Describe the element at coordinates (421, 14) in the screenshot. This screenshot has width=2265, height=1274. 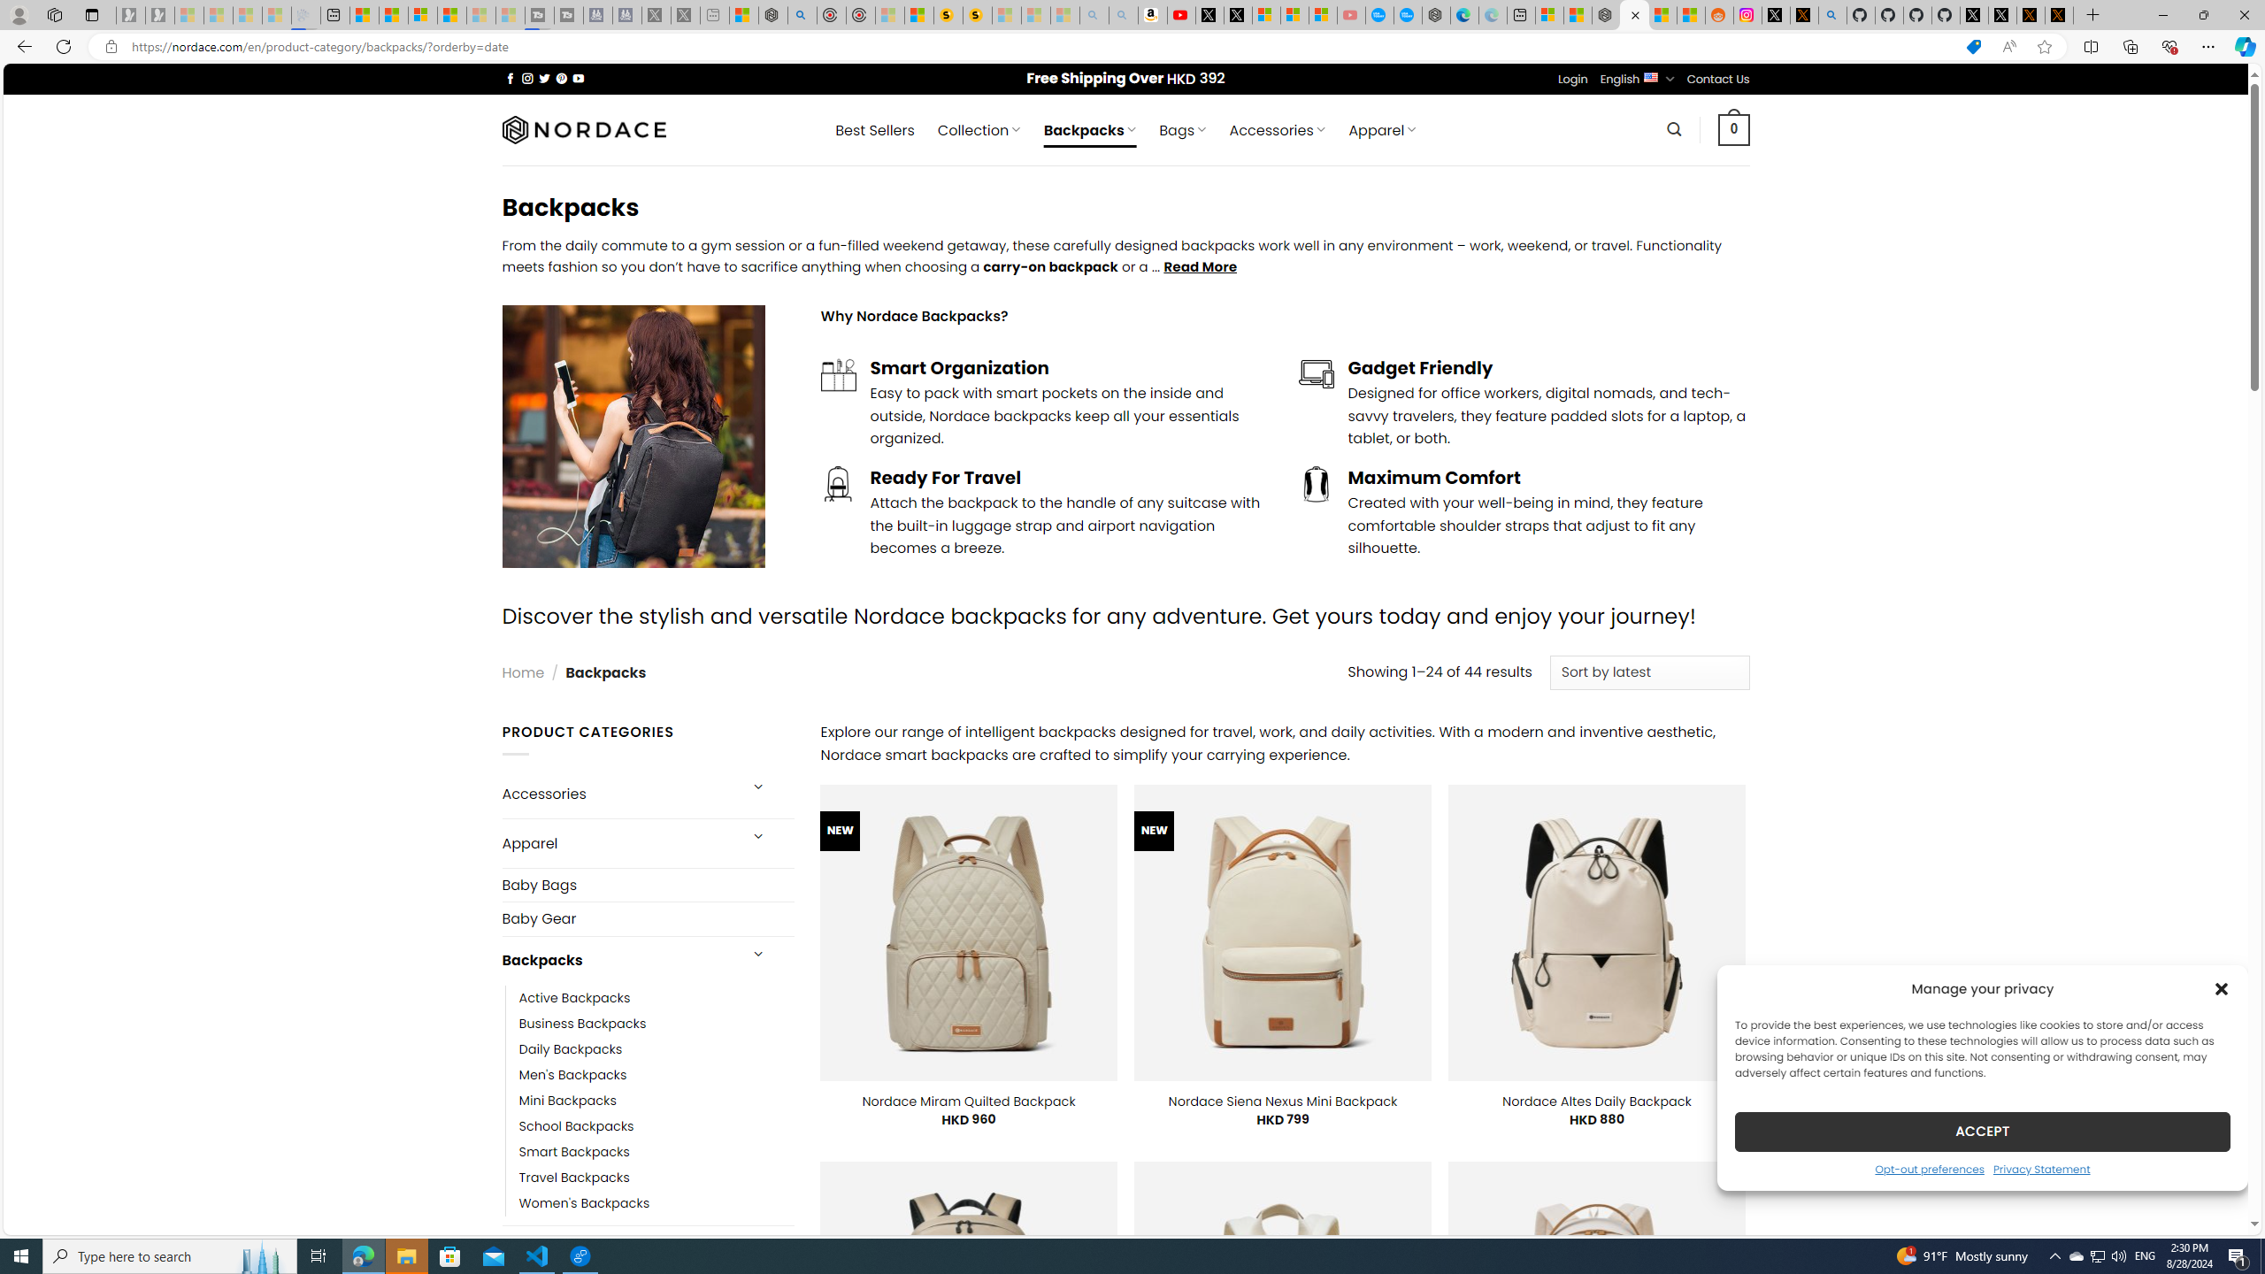
I see `'Overview'` at that location.